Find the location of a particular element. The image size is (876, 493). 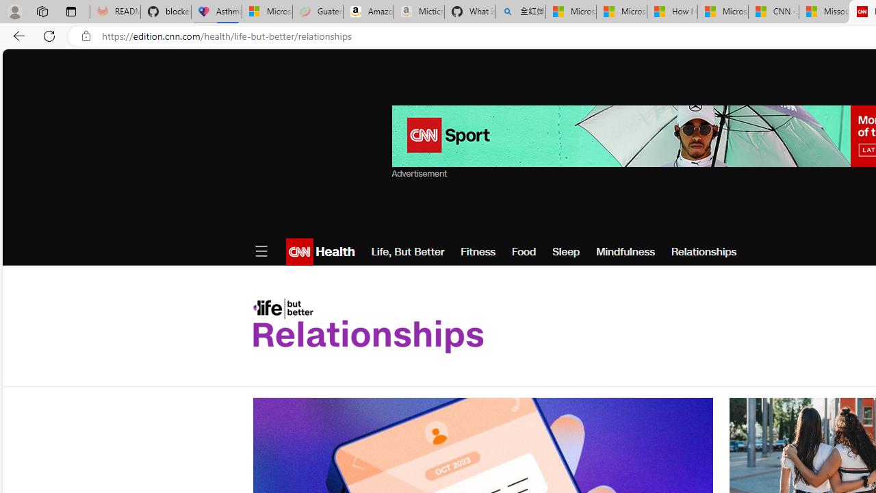

'Sleep' is located at coordinates (565, 251).